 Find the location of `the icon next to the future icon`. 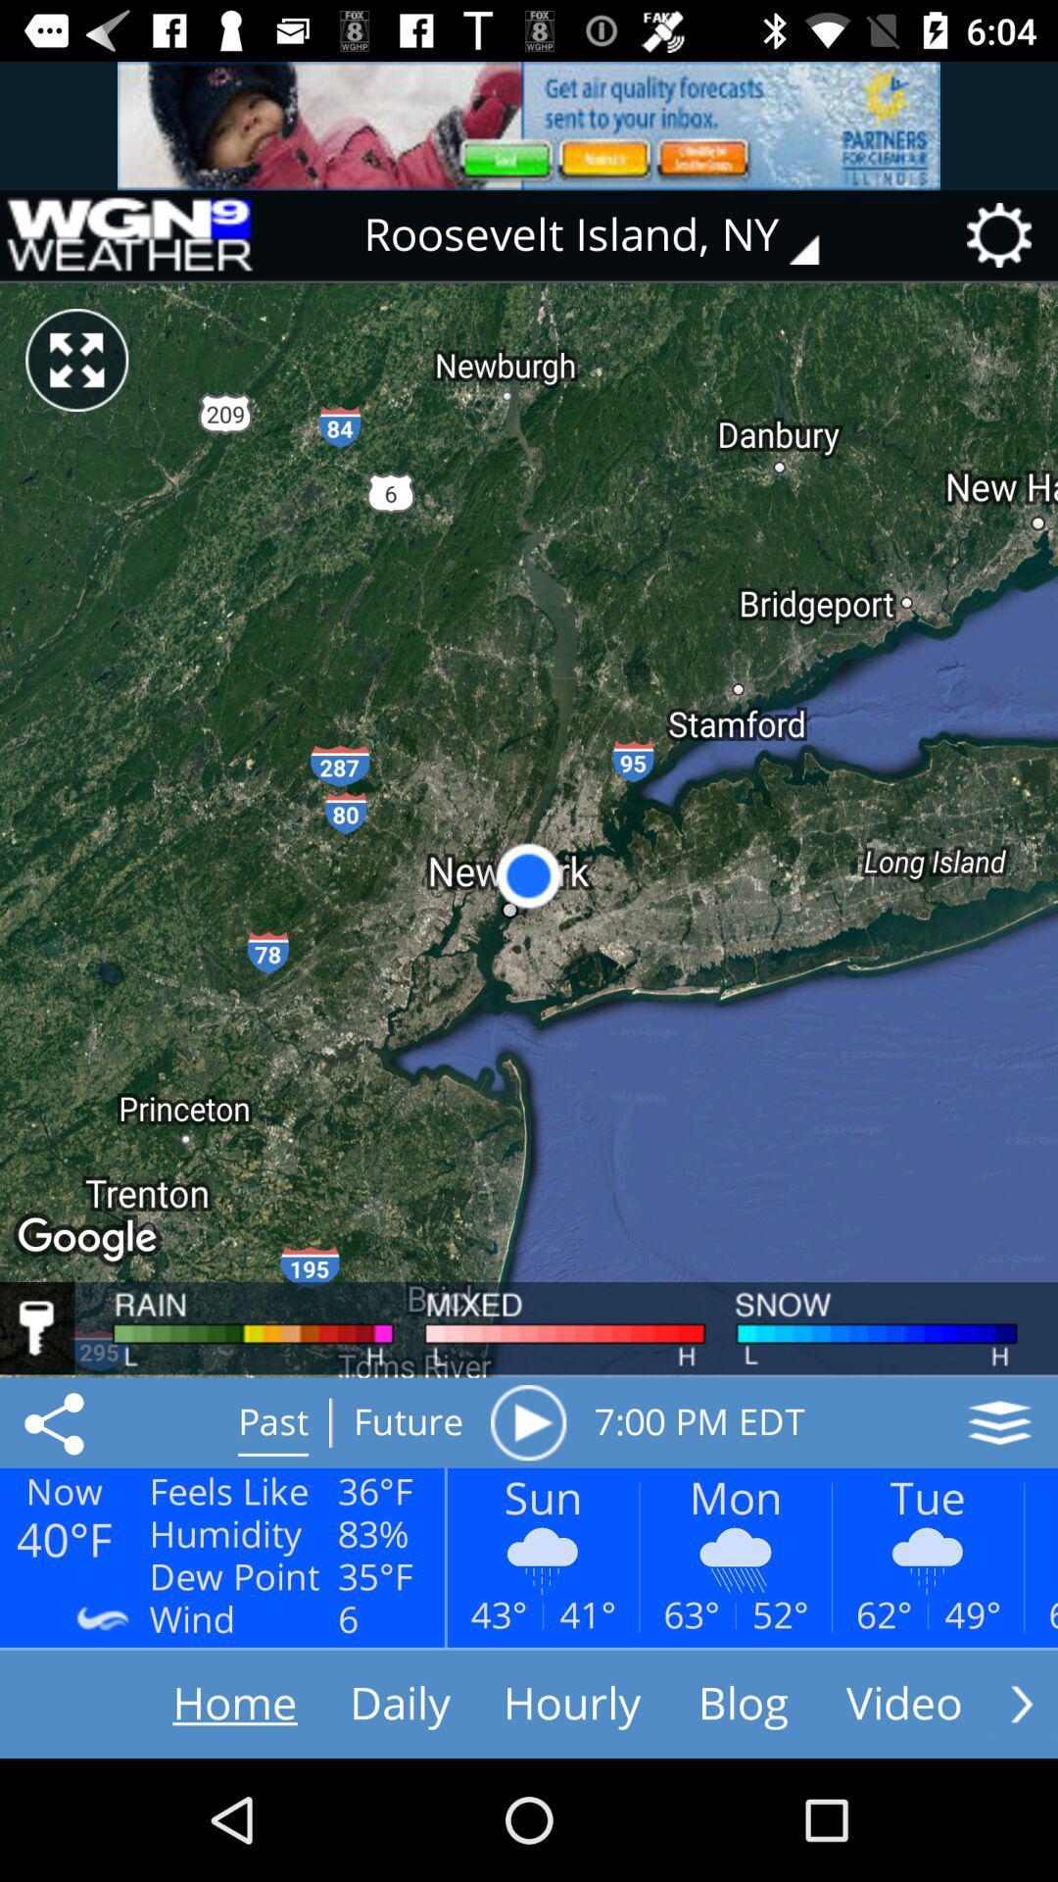

the icon next to the future icon is located at coordinates (527, 1422).